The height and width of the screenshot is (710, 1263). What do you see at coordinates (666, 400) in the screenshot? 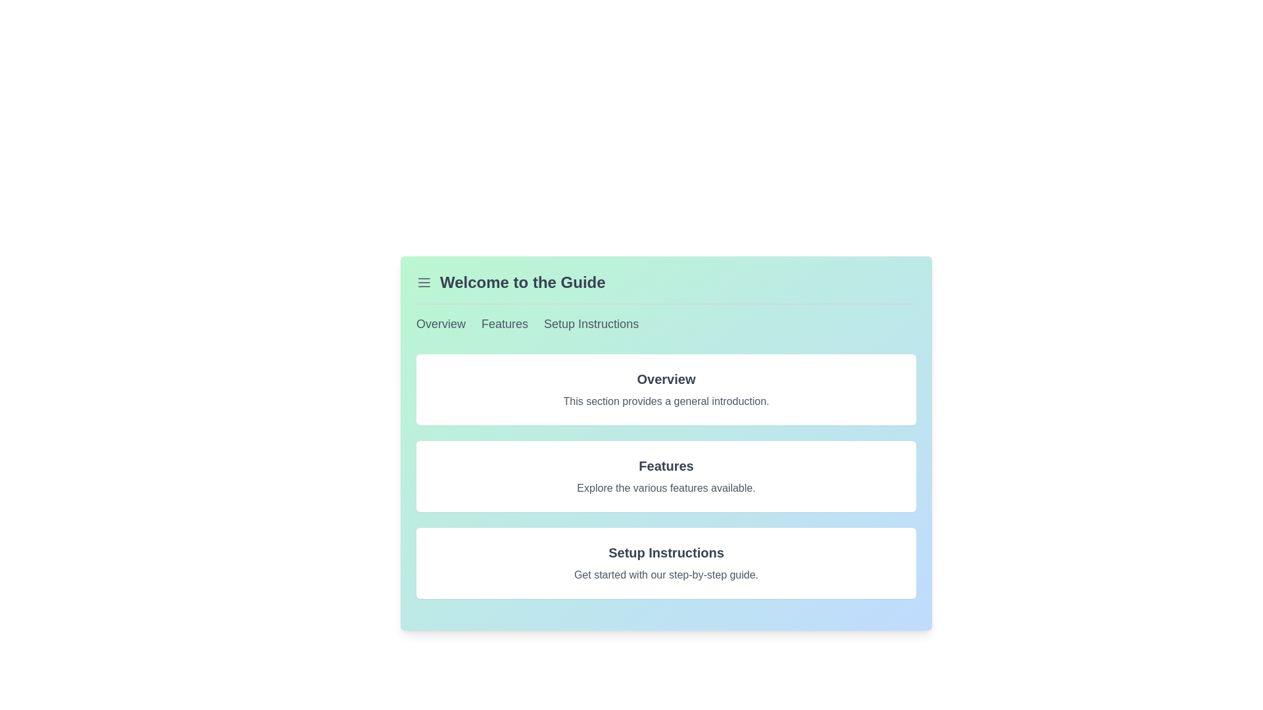
I see `the text label displaying 'This section provides a general introduction.' which is located beneath the 'Overview' title` at bounding box center [666, 400].